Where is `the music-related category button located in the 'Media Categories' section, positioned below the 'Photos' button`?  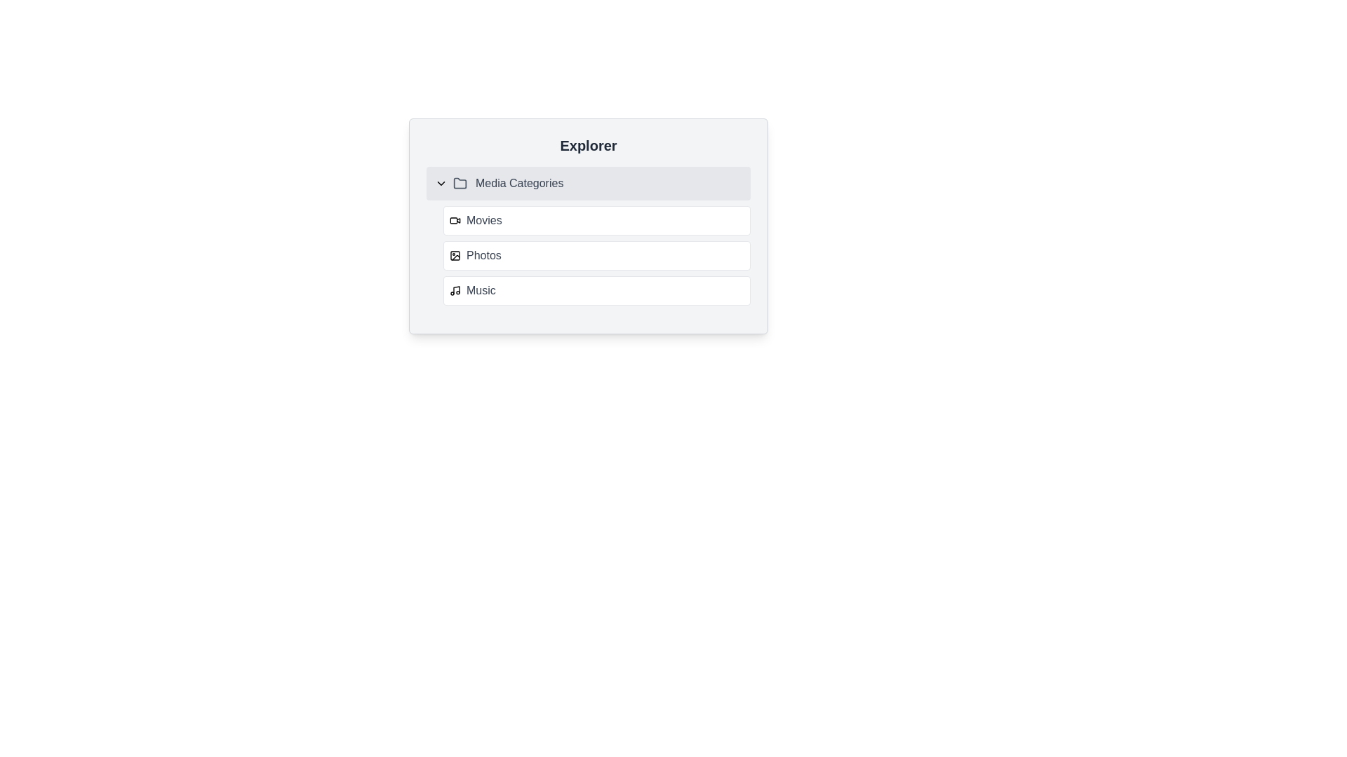 the music-related category button located in the 'Media Categories' section, positioned below the 'Photos' button is located at coordinates (596, 290).